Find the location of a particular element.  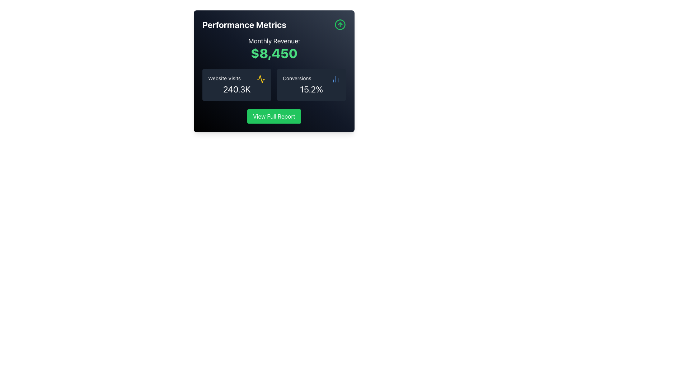

the text display showing 'Monthly Revenue:' and the value '$8,450' within the 'Performance Metrics' card is located at coordinates (273, 48).